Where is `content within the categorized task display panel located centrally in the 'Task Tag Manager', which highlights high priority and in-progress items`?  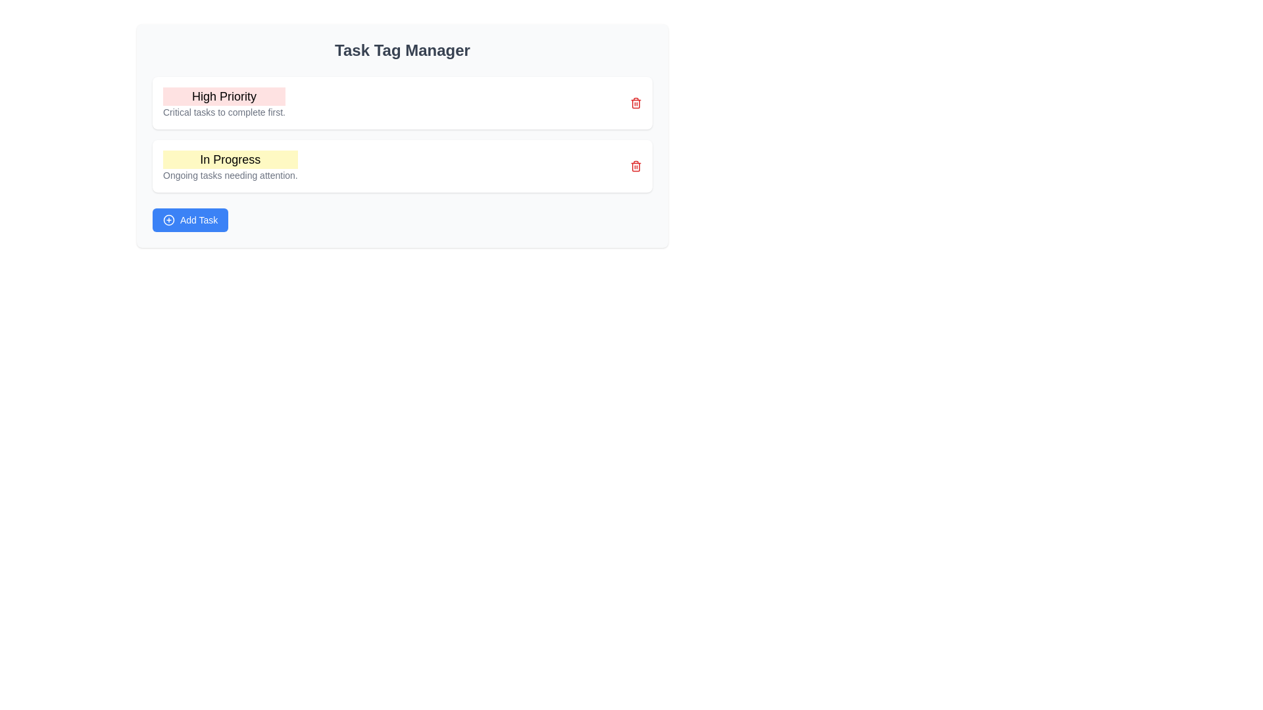
content within the categorized task display panel located centrally in the 'Task Tag Manager', which highlights high priority and in-progress items is located at coordinates (401, 136).